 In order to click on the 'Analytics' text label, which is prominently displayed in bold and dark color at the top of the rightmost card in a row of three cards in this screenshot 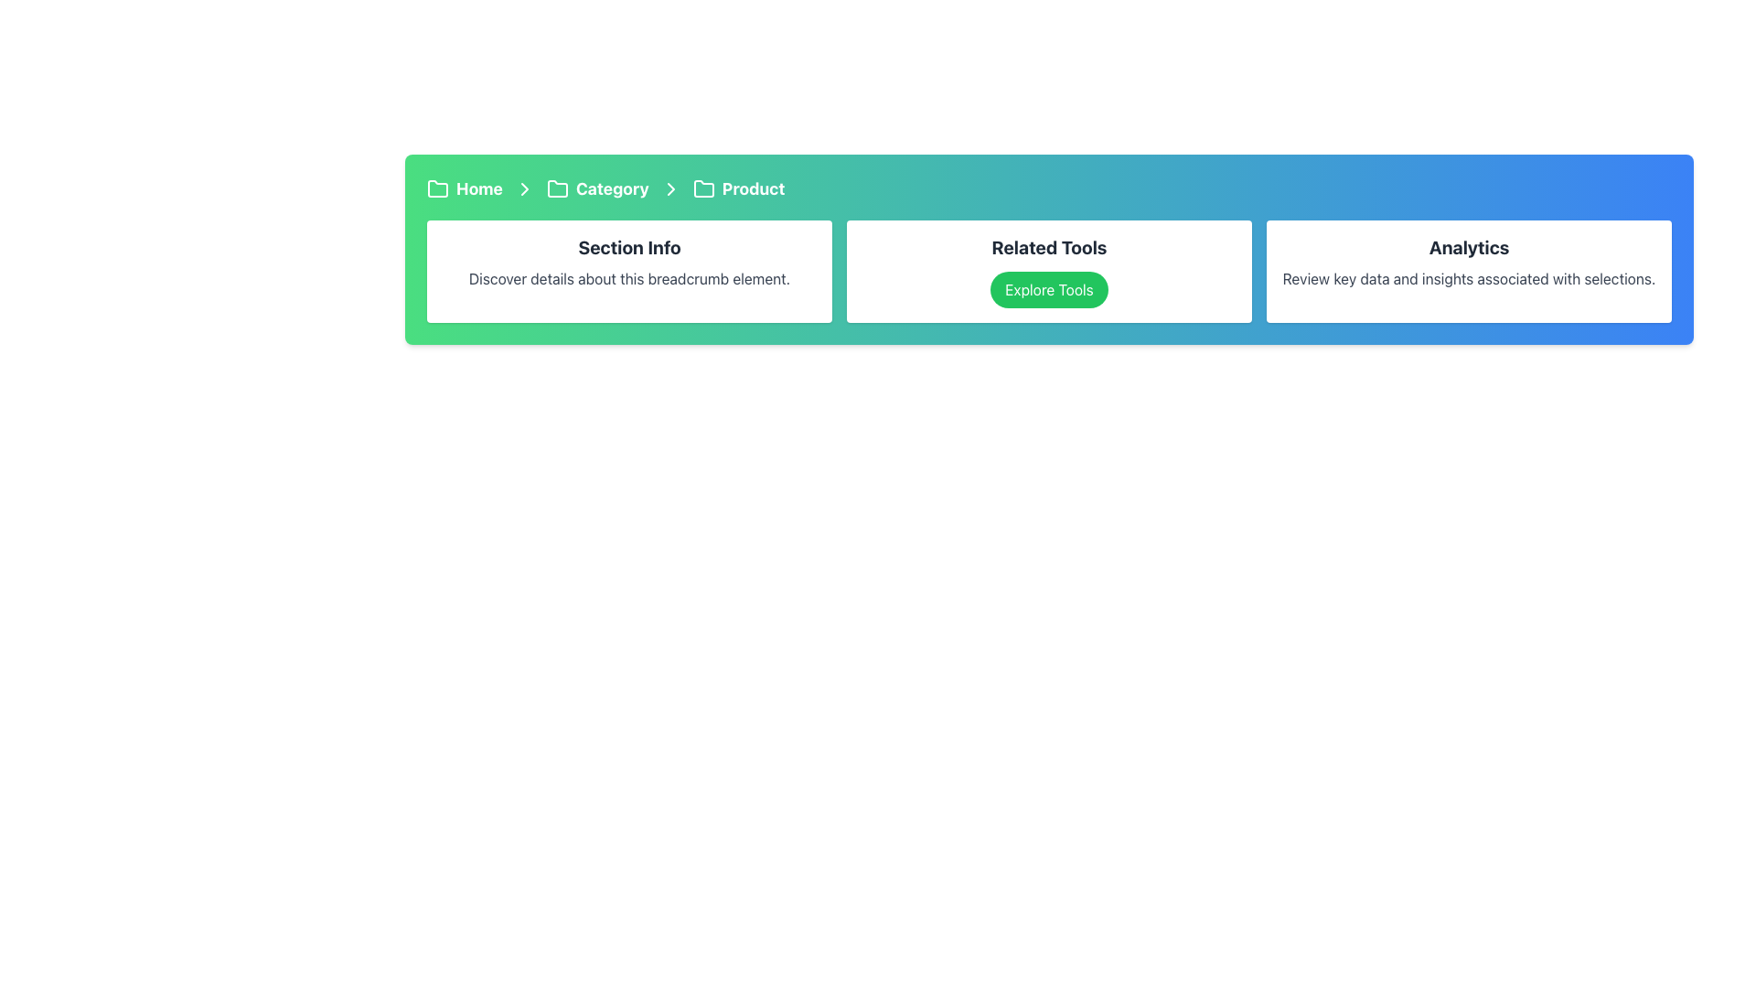, I will do `click(1469, 247)`.